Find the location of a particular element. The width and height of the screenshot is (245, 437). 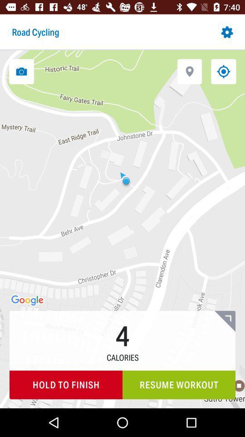

icon above the 4 is located at coordinates (189, 71).